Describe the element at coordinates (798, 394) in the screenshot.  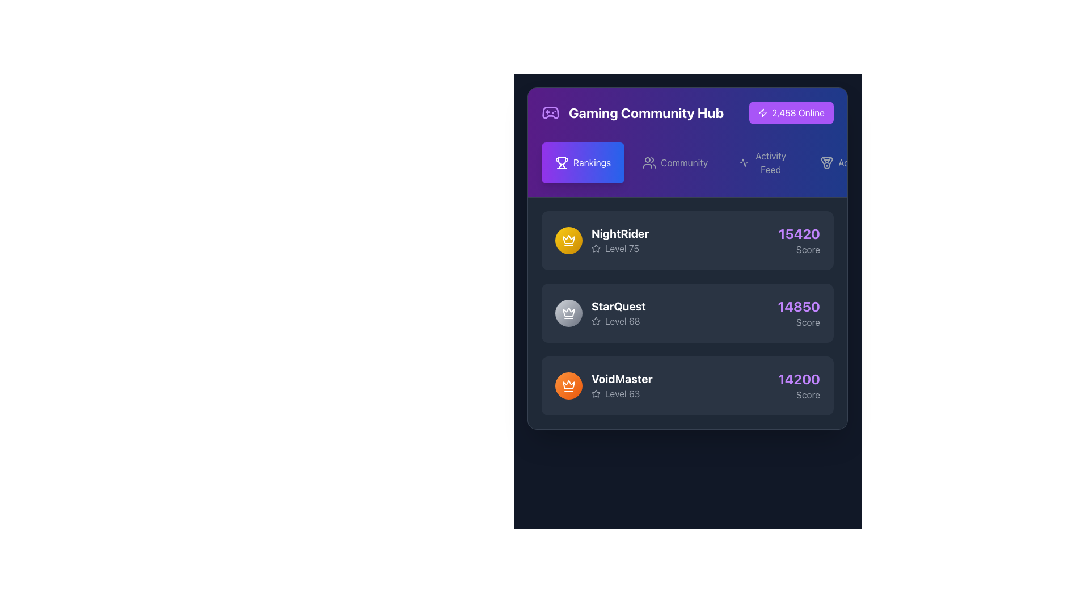
I see `the text label displaying 'Score' in gray color, located at the bottom right corner of the 'VoidMaster' card, next to the score number '14200'` at that location.